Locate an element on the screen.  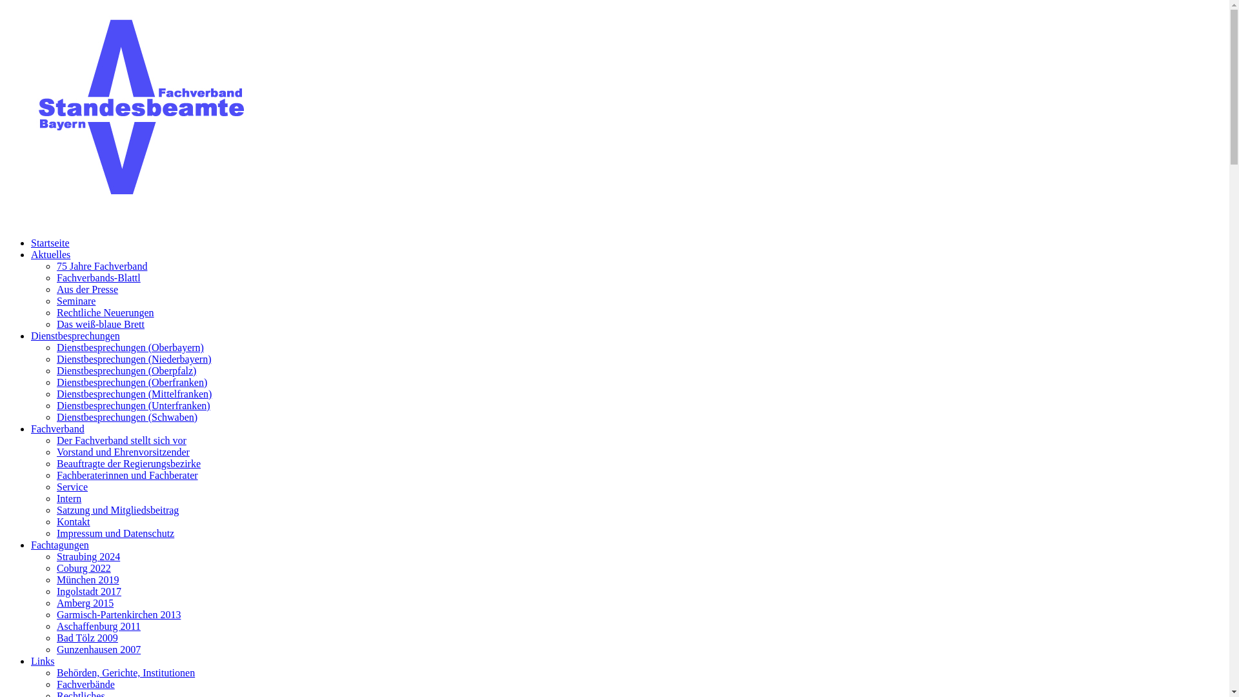
'Ingolstadt 2017' is located at coordinates (88, 591).